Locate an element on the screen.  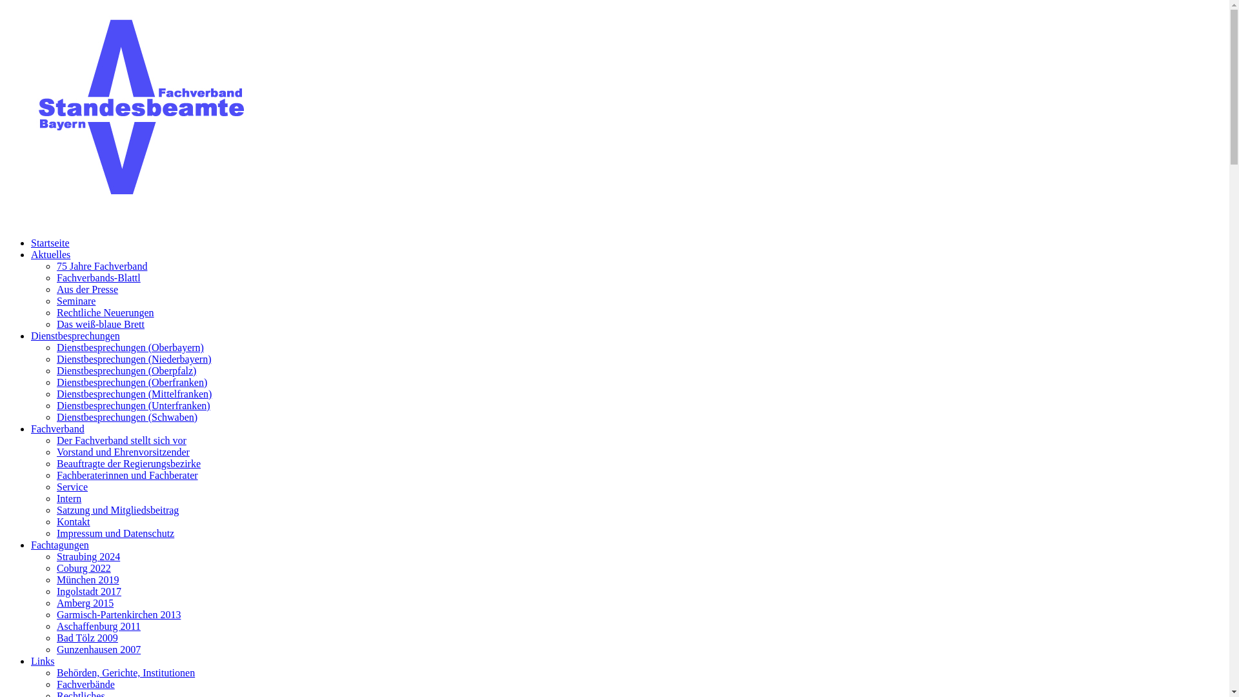
'Ingolstadt 2017' is located at coordinates (88, 591).